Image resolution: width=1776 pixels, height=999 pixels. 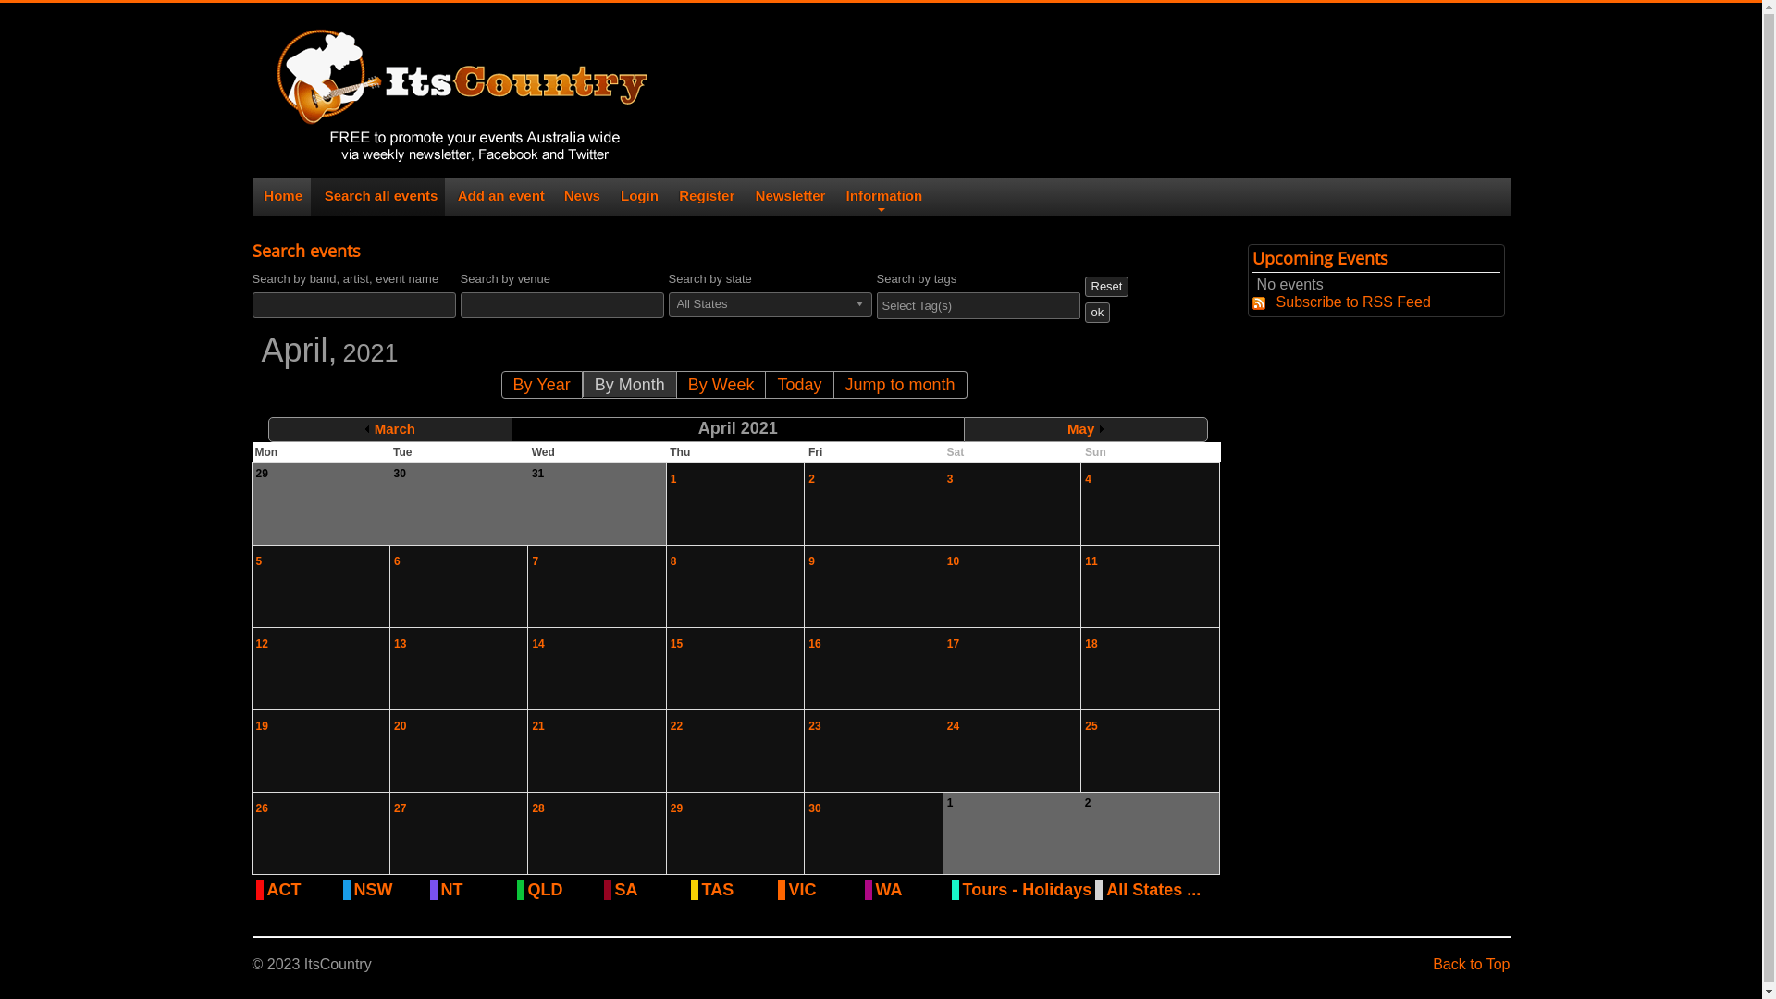 What do you see at coordinates (629, 383) in the screenshot?
I see `'By Month'` at bounding box center [629, 383].